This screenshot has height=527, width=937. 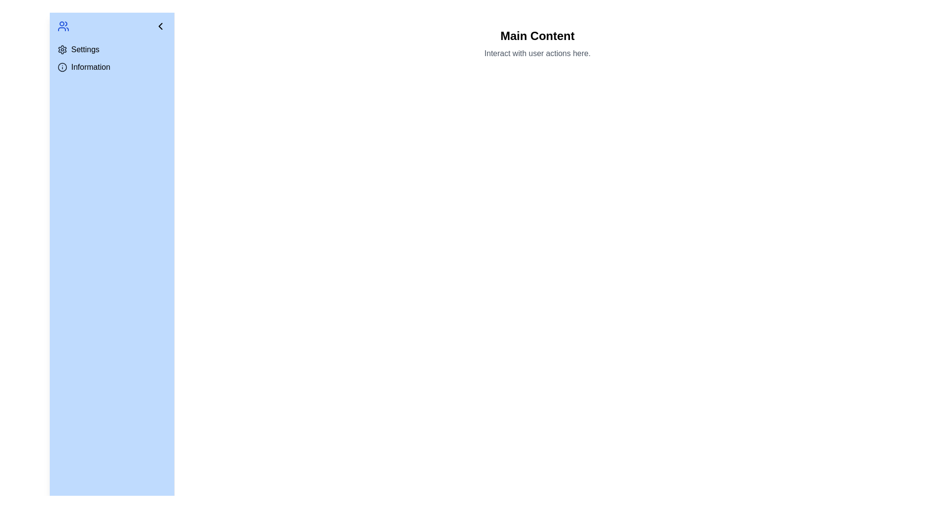 What do you see at coordinates (85, 49) in the screenshot?
I see `the 'Settings' text label located in the blue sidebar, which is styled in bold and positioned below the gear icon` at bounding box center [85, 49].